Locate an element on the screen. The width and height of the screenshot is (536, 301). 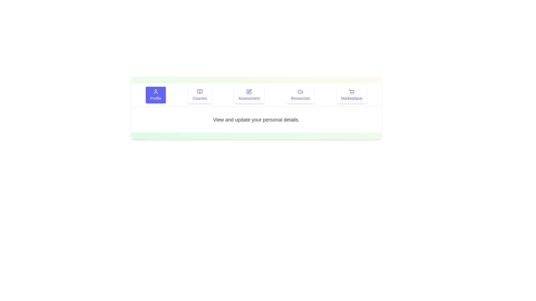
the blue button with an open book icon labeled 'Courses' in the navigation bar is located at coordinates (200, 94).